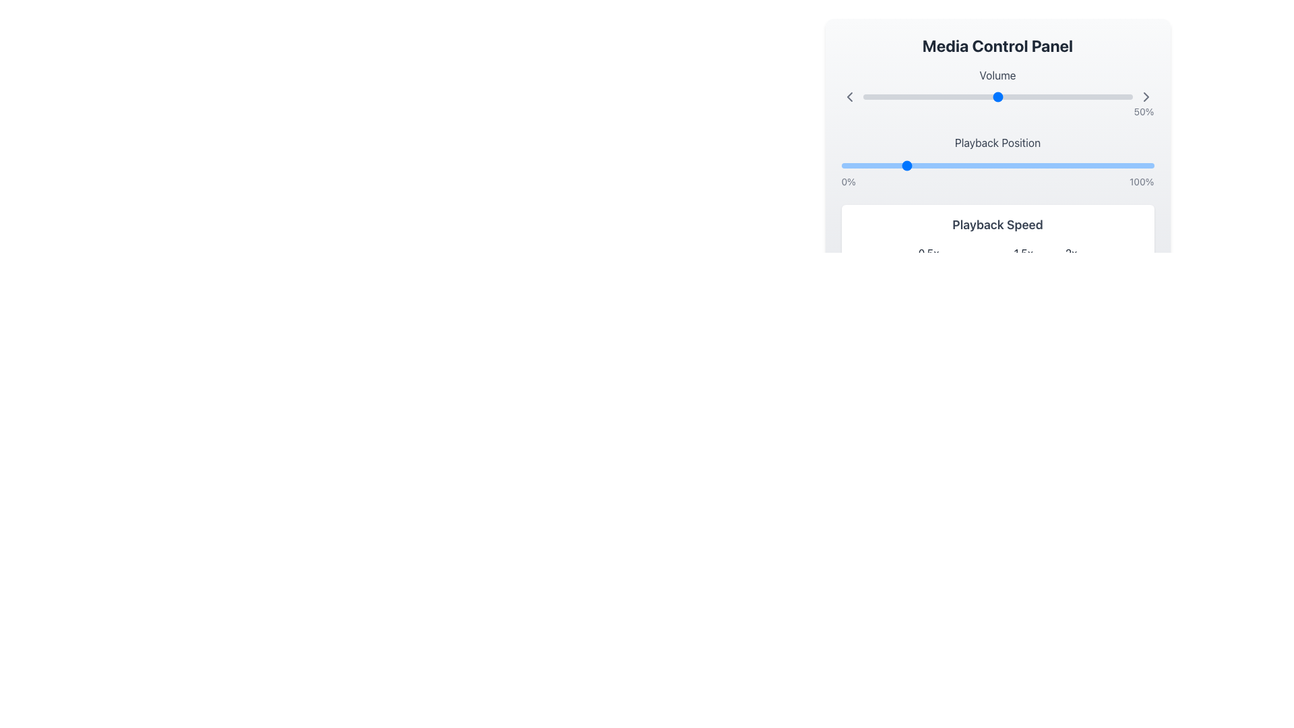 This screenshot has height=728, width=1294. I want to click on the left-side navigation icon that decreases a value or navigates to a previous state, so click(849, 96).